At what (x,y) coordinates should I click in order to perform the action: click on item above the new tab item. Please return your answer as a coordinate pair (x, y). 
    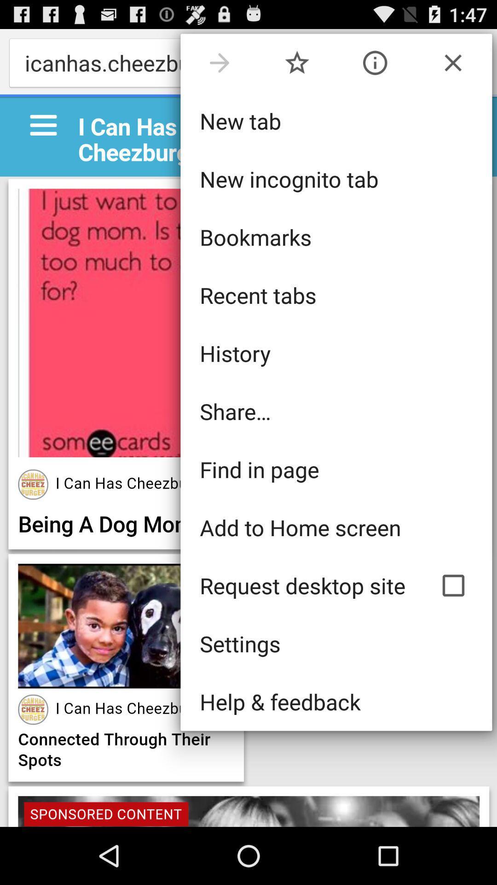
    Looking at the image, I should click on (452, 62).